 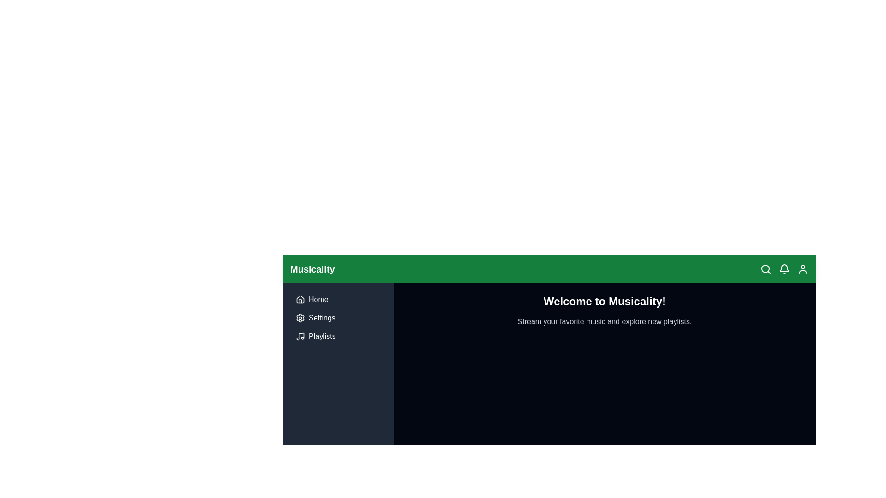 What do you see at coordinates (300, 336) in the screenshot?
I see `the musical note icon located in the navigation menu to the left of the 'Playlists' text` at bounding box center [300, 336].